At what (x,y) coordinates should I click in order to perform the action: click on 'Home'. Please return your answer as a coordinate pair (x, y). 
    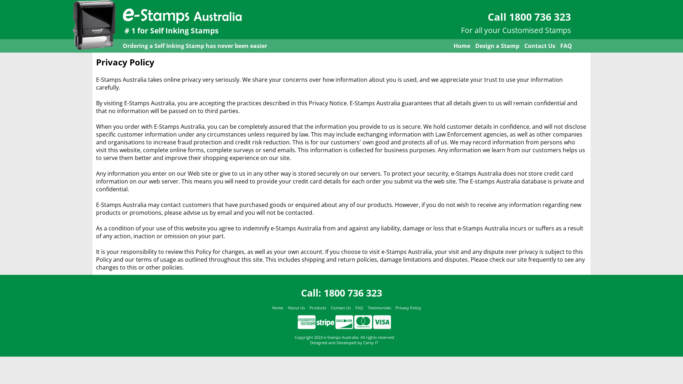
    Looking at the image, I should click on (462, 46).